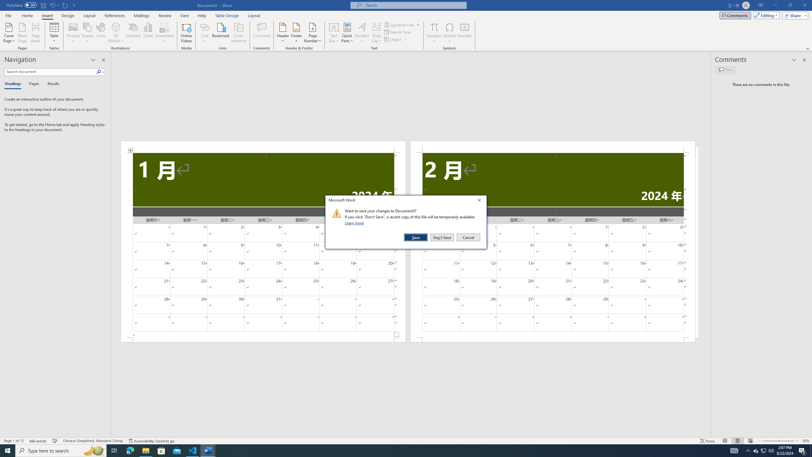 The width and height of the screenshot is (812, 457). What do you see at coordinates (65, 5) in the screenshot?
I see `'Repeat Doc Close'` at bounding box center [65, 5].